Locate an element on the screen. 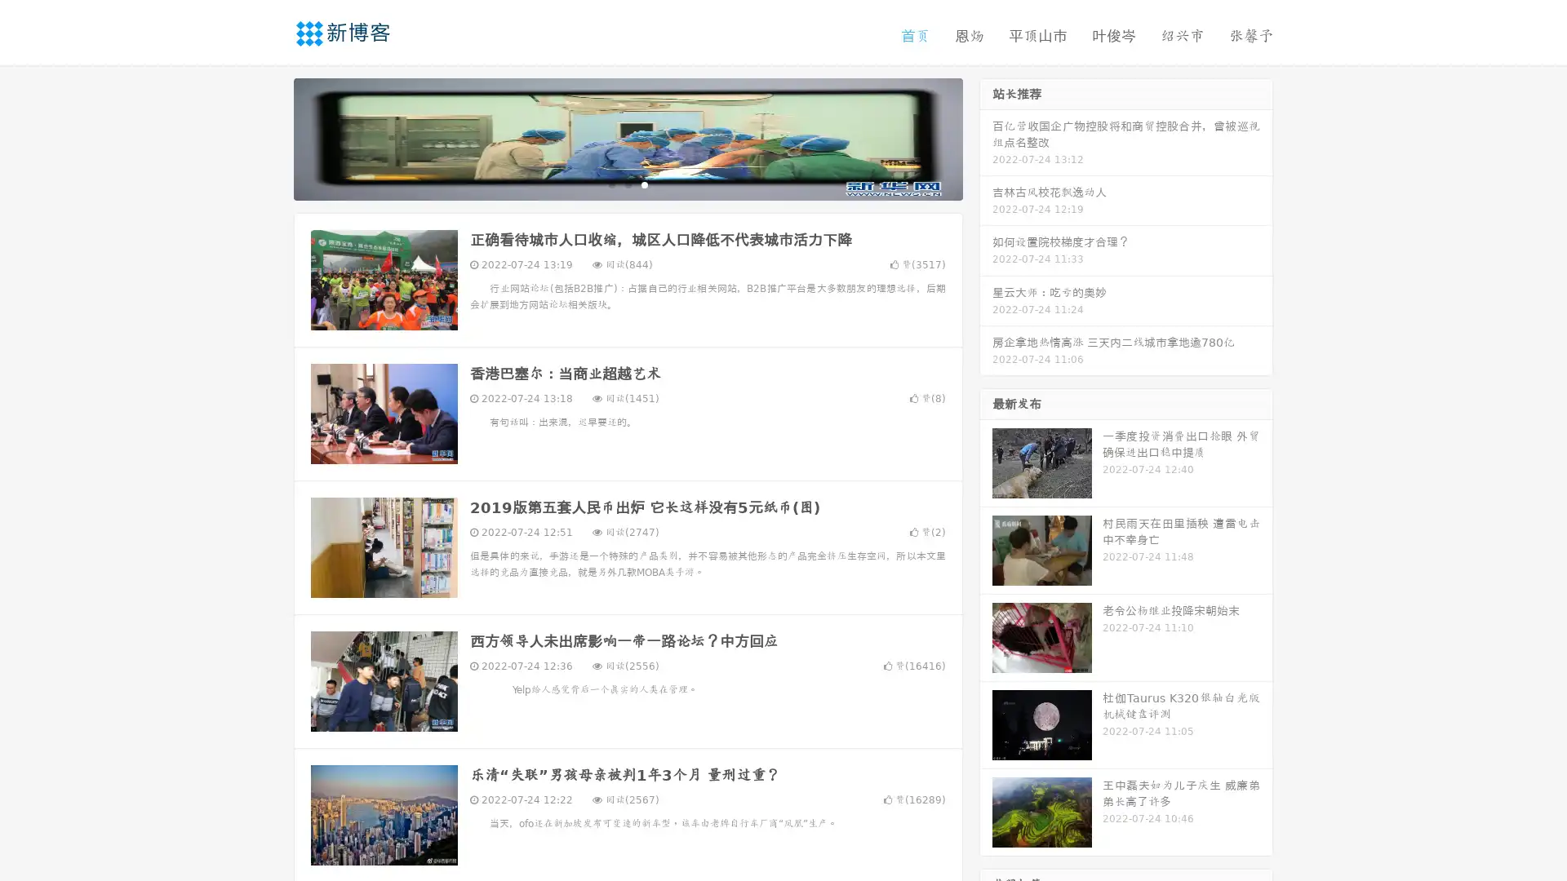 This screenshot has width=1567, height=881. Previous slide is located at coordinates (269, 137).